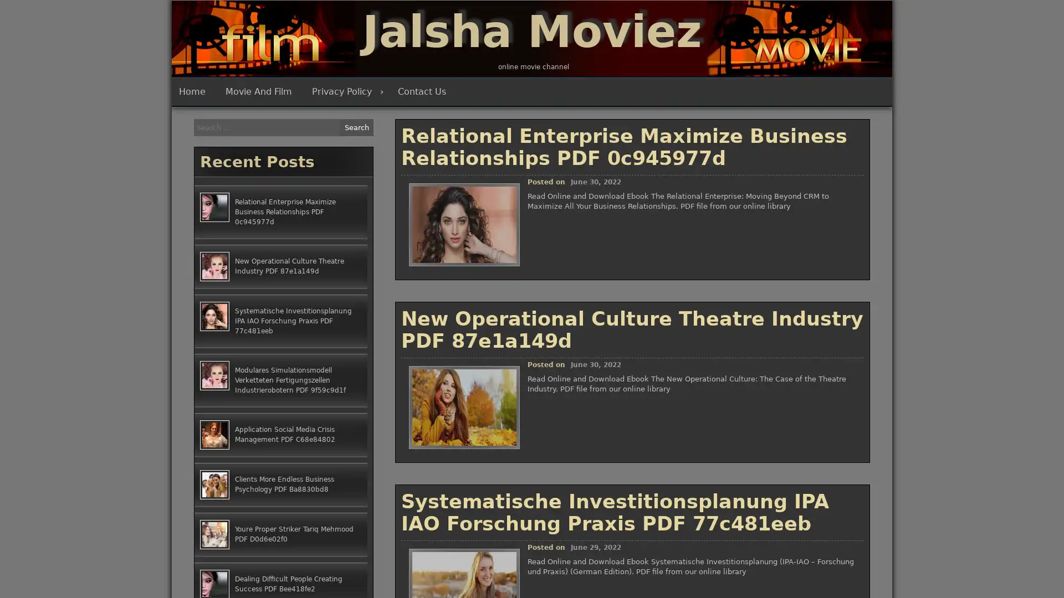 The height and width of the screenshot is (598, 1064). Describe the element at coordinates (356, 127) in the screenshot. I see `Search` at that location.